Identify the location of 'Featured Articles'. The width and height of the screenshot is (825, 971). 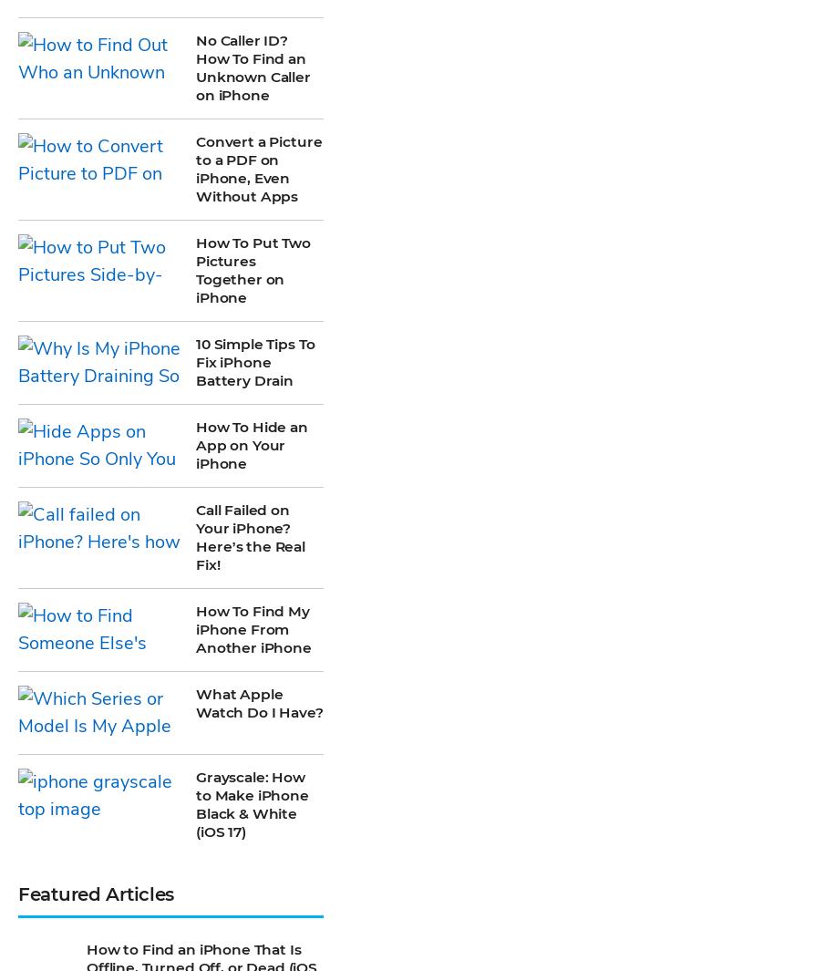
(95, 356).